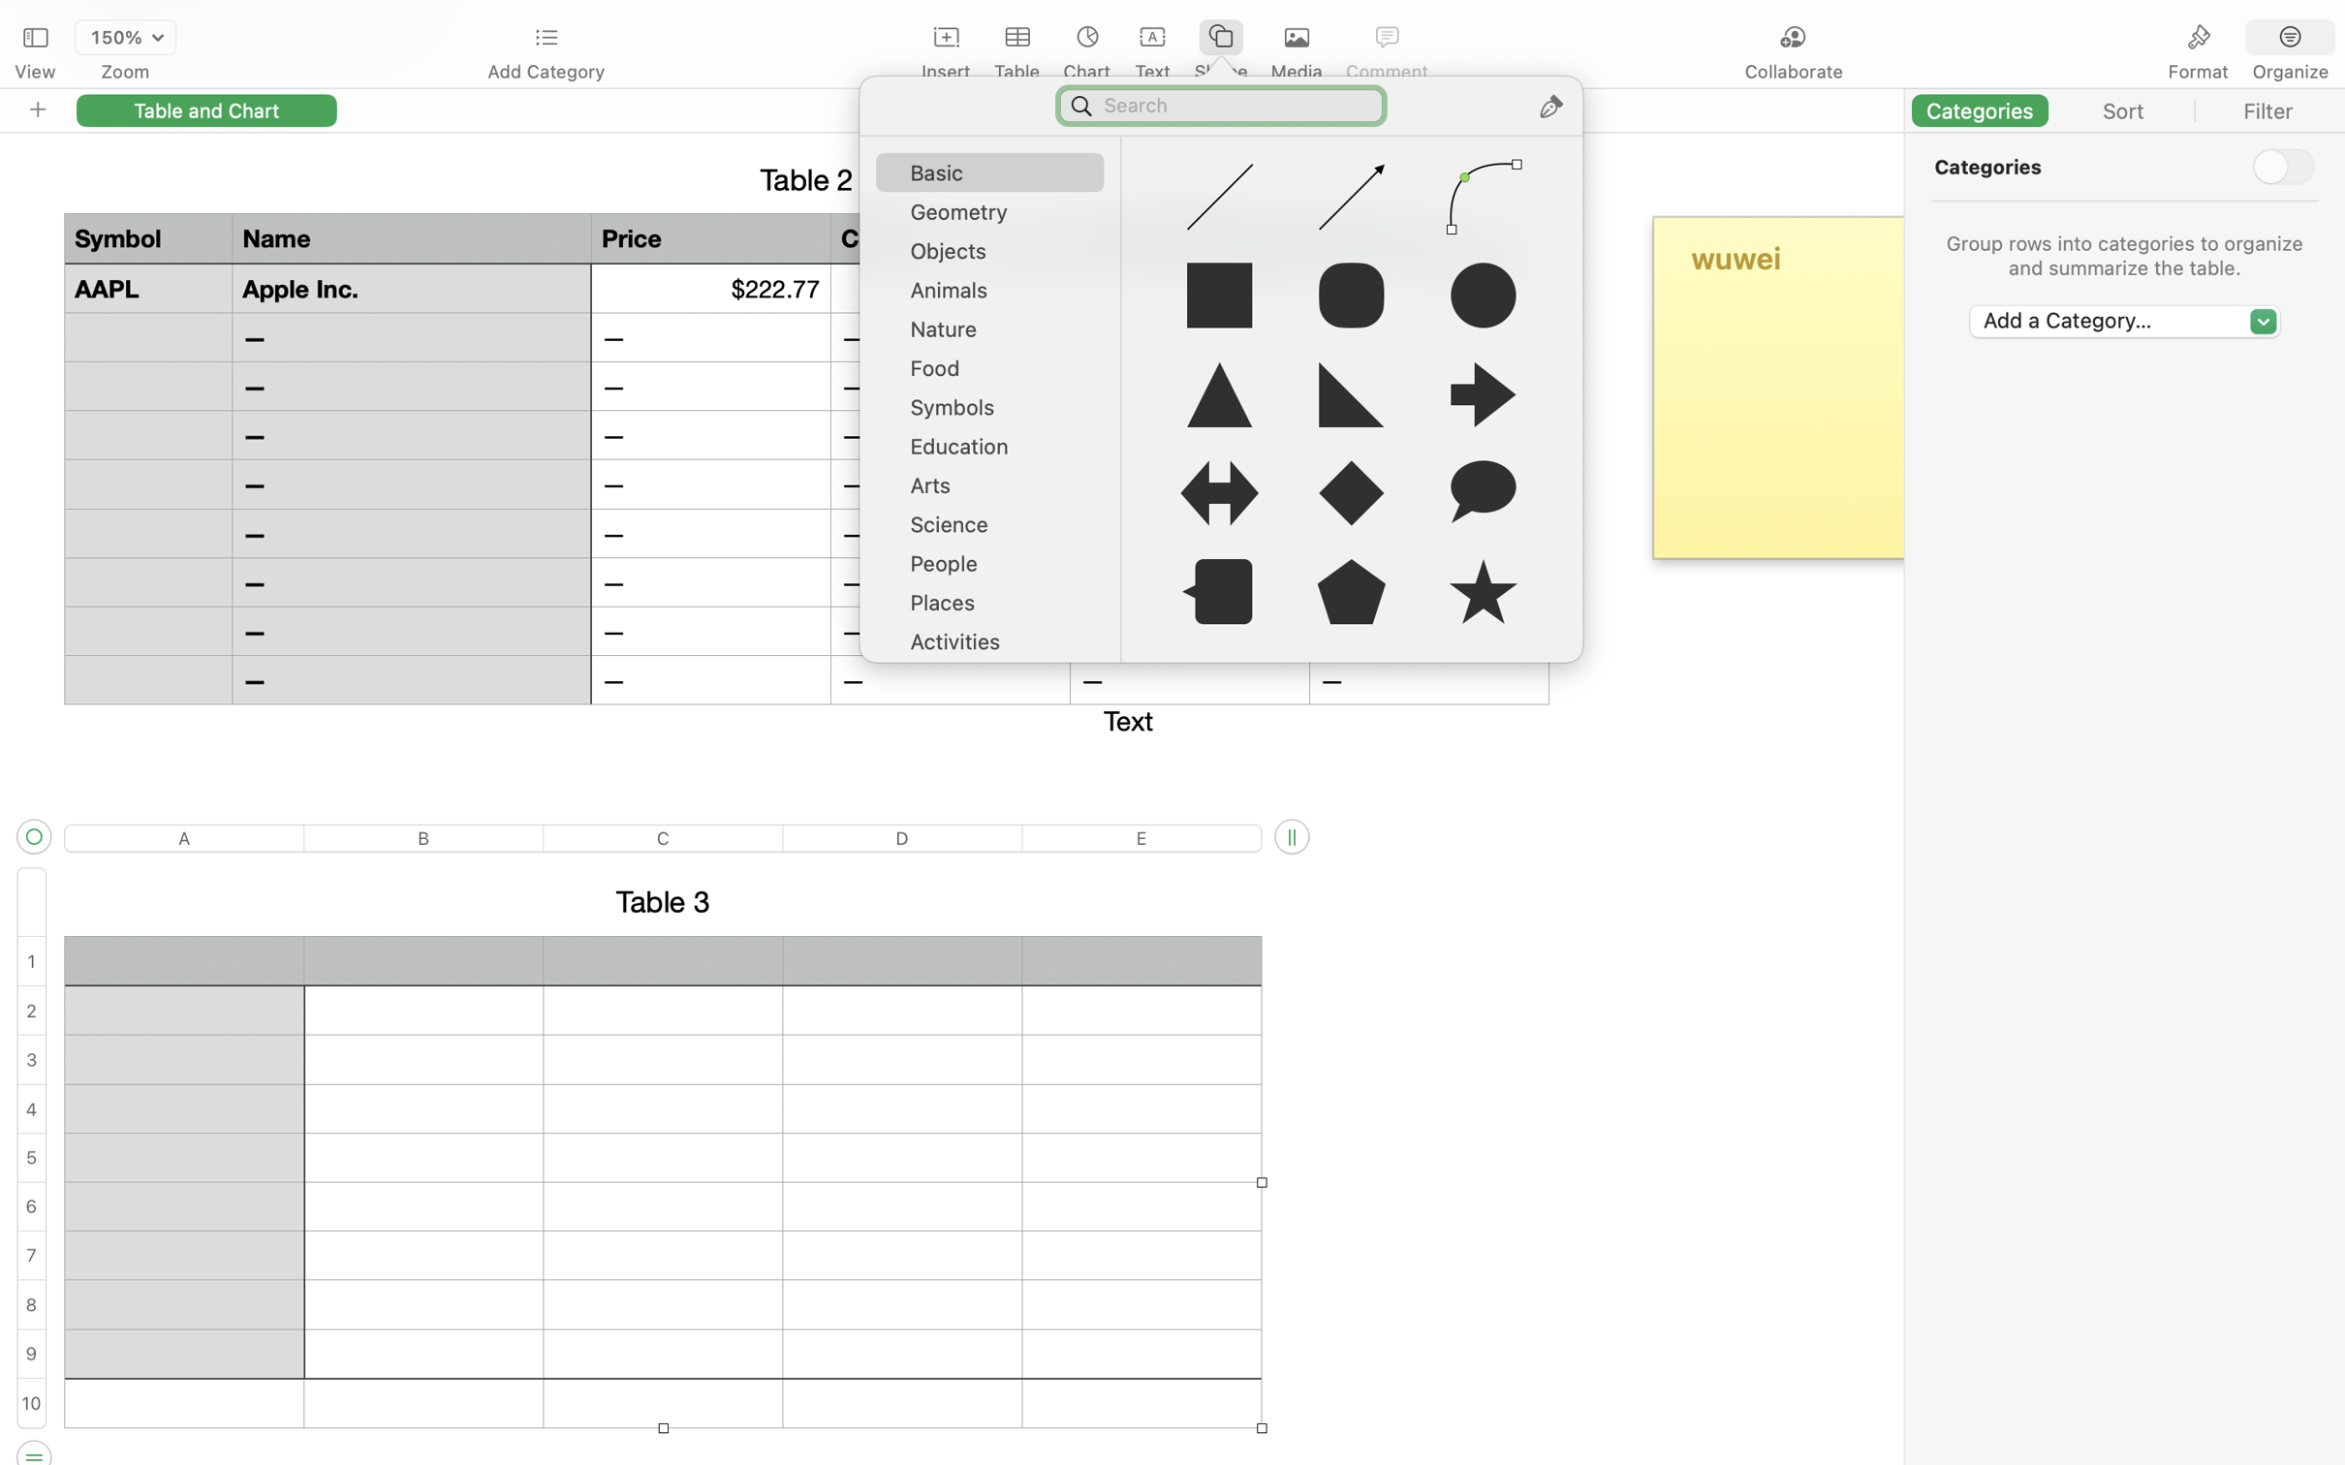  I want to click on 'Food', so click(997, 374).